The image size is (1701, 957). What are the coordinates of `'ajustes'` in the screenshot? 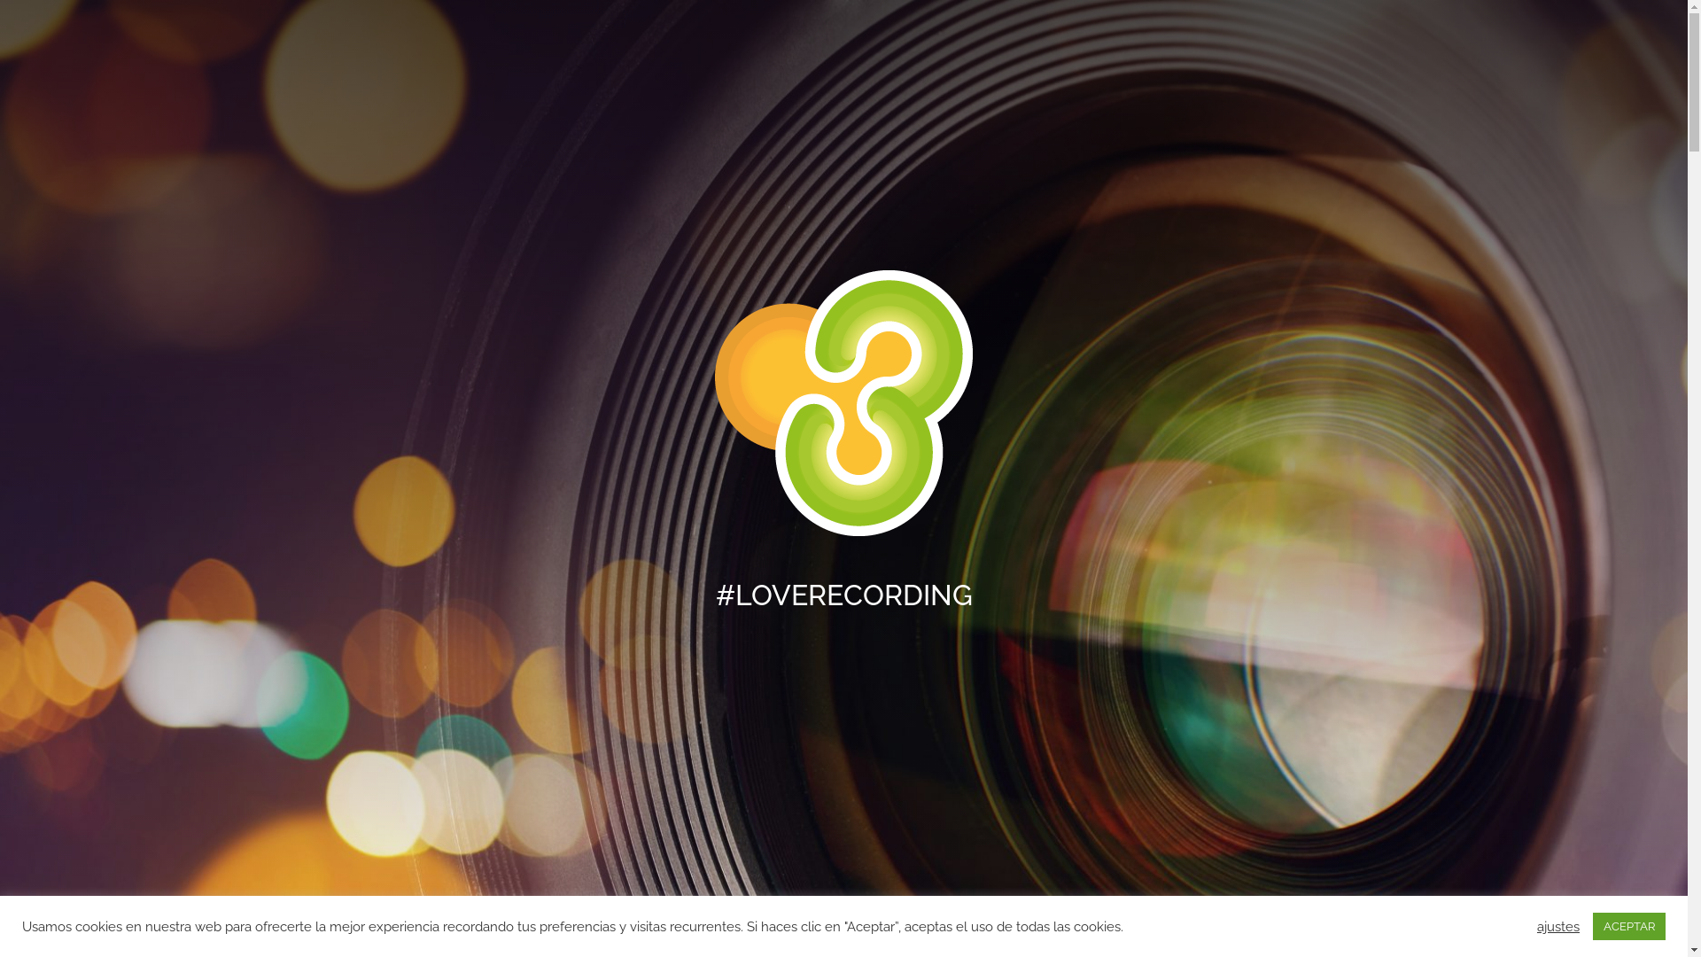 It's located at (1557, 925).